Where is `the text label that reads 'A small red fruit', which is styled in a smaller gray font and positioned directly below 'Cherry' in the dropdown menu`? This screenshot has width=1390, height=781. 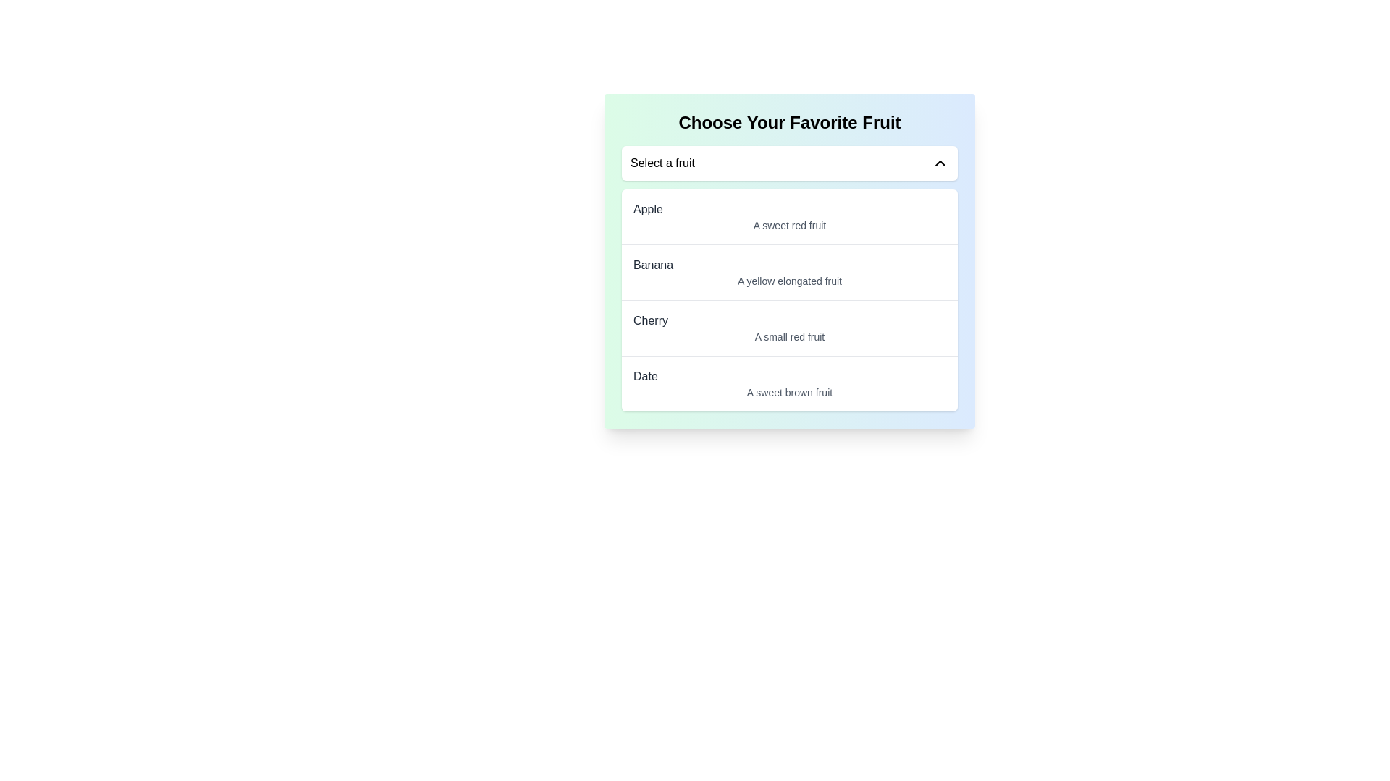
the text label that reads 'A small red fruit', which is styled in a smaller gray font and positioned directly below 'Cherry' in the dropdown menu is located at coordinates (788, 337).